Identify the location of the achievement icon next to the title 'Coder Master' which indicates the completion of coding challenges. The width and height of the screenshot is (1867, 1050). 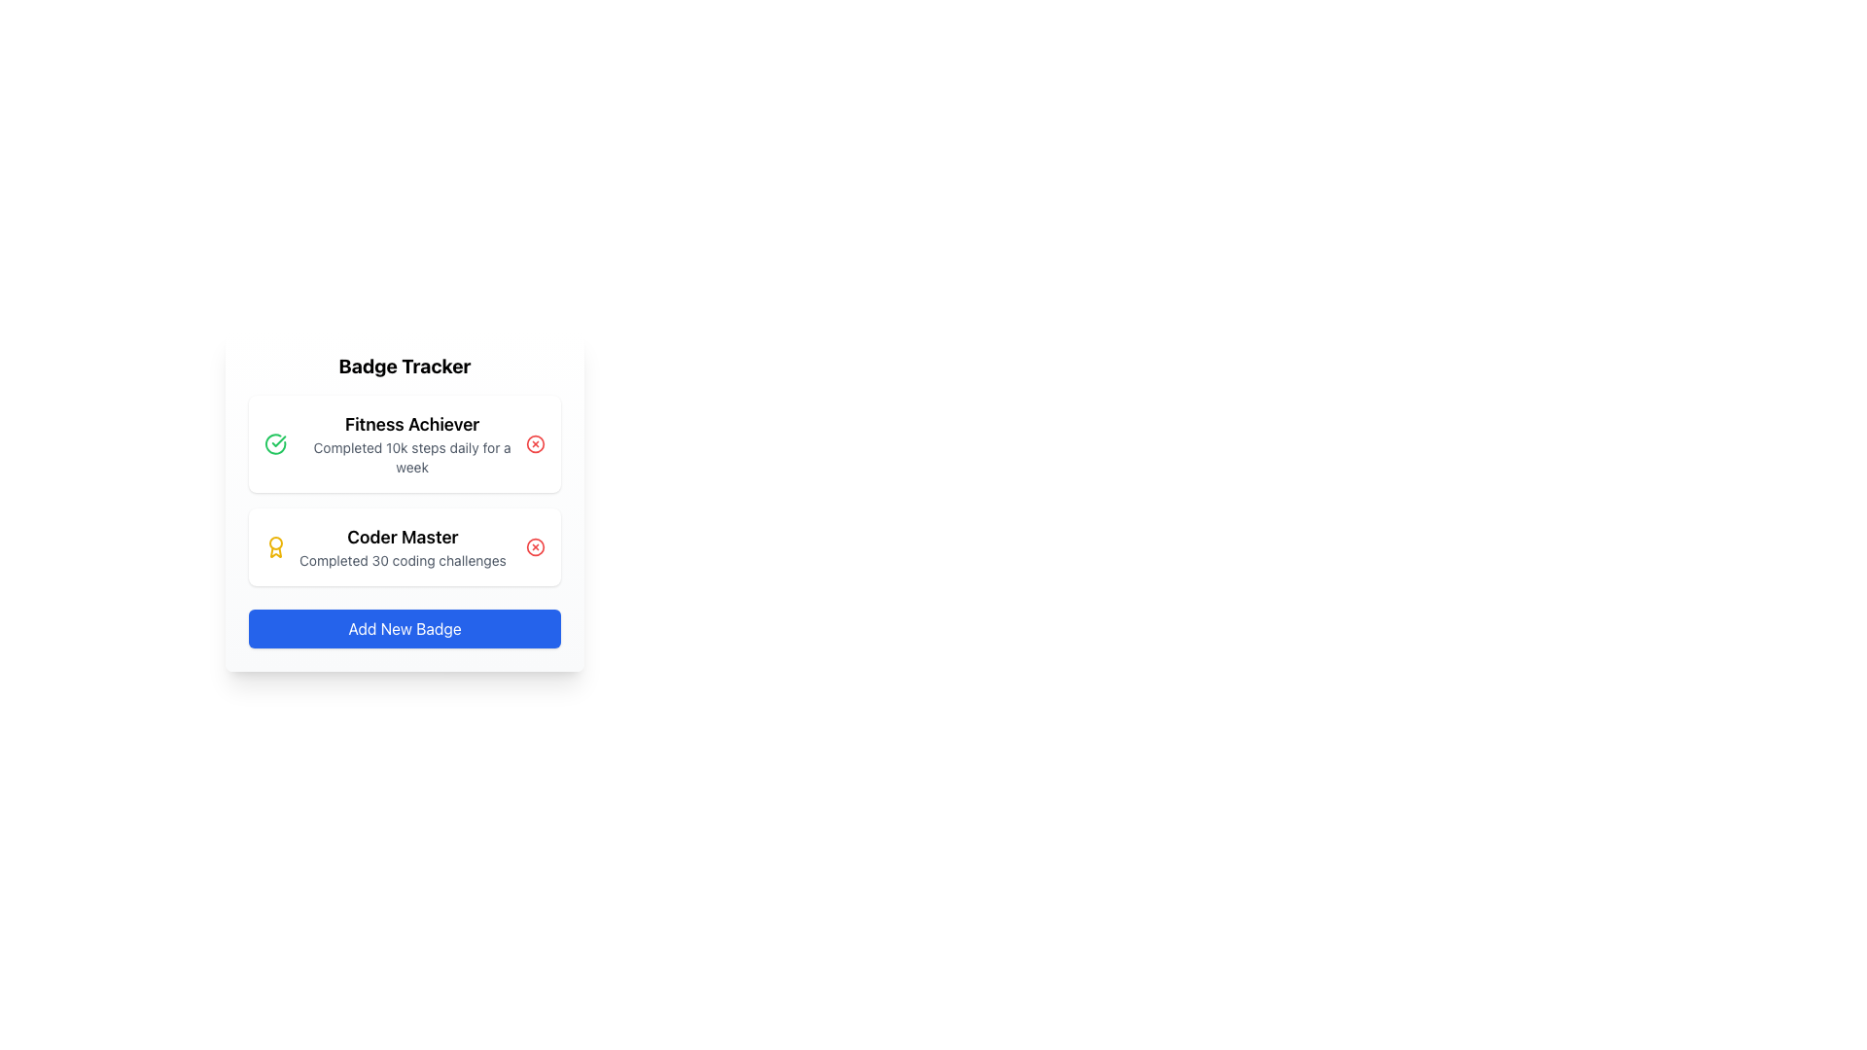
(274, 547).